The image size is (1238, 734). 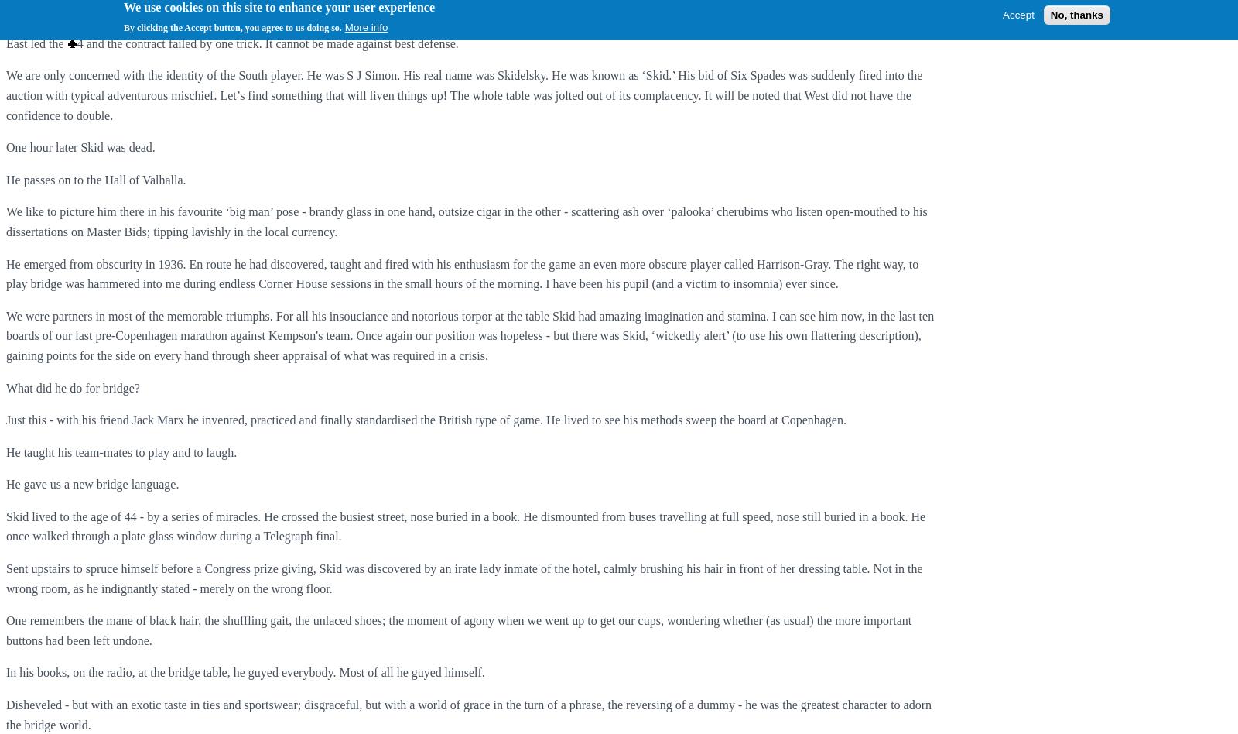 I want to click on 'Sent upstairs to spruce himself before a Congress prize giving, Skid was discovered by an irate lady inmate of the hotel, calmly brushing his hair in front of her dressing table.  Not in the wrong room, as he indignantly stated - merely on the wrong floor.', so click(x=5, y=578).